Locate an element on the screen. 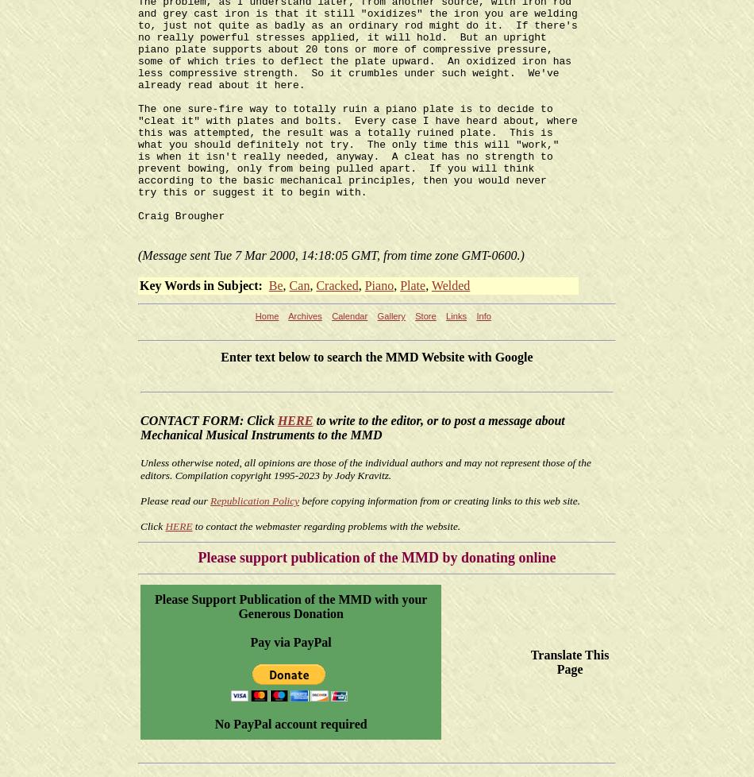  'Republication Policy' is located at coordinates (209, 501).